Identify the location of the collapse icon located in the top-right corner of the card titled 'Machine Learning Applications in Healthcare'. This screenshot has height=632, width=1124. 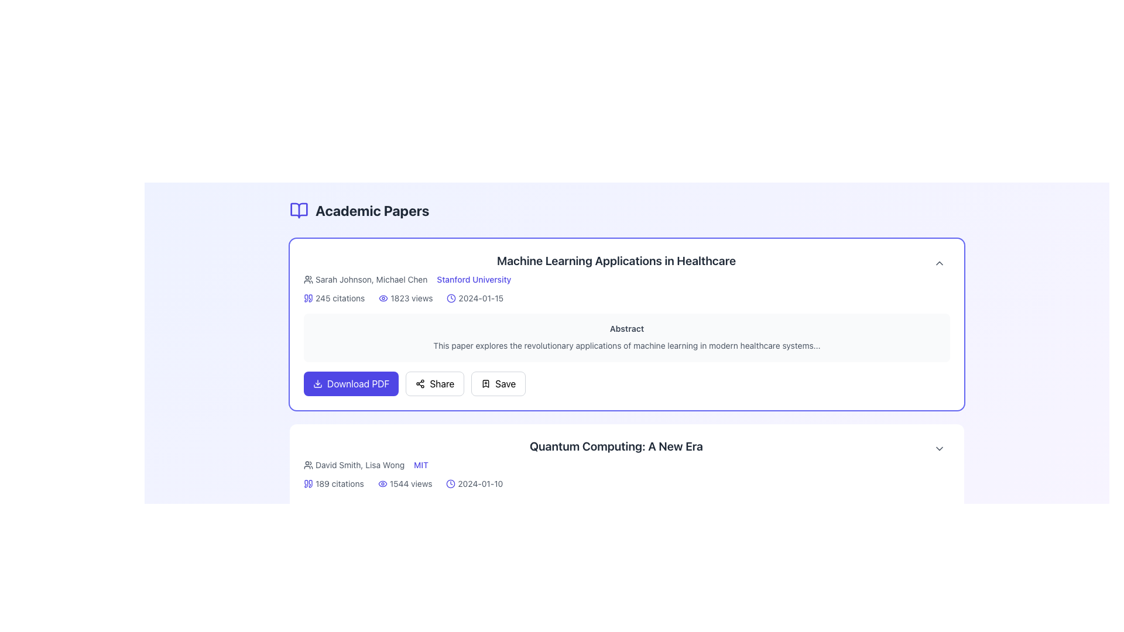
(939, 263).